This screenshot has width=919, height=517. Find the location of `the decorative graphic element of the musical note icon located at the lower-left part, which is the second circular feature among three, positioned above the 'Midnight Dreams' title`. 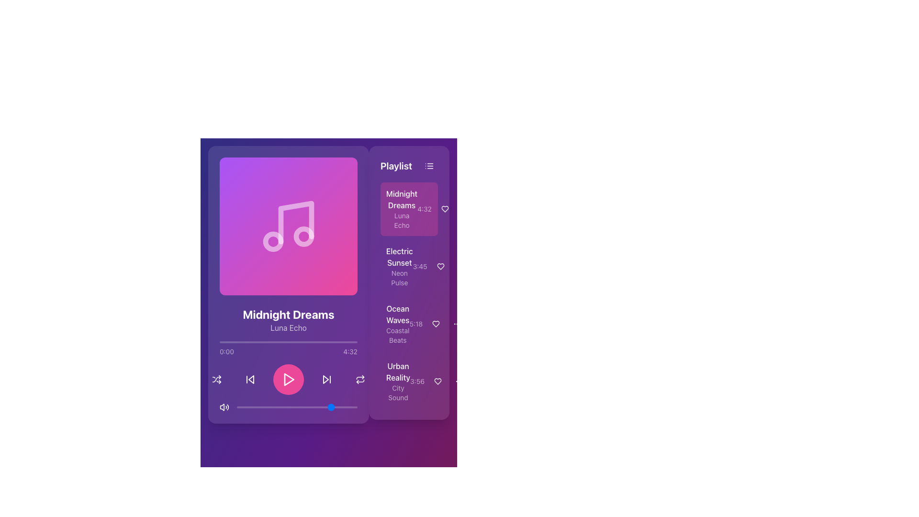

the decorative graphic element of the musical note icon located at the lower-left part, which is the second circular feature among three, positioned above the 'Midnight Dreams' title is located at coordinates (273, 241).